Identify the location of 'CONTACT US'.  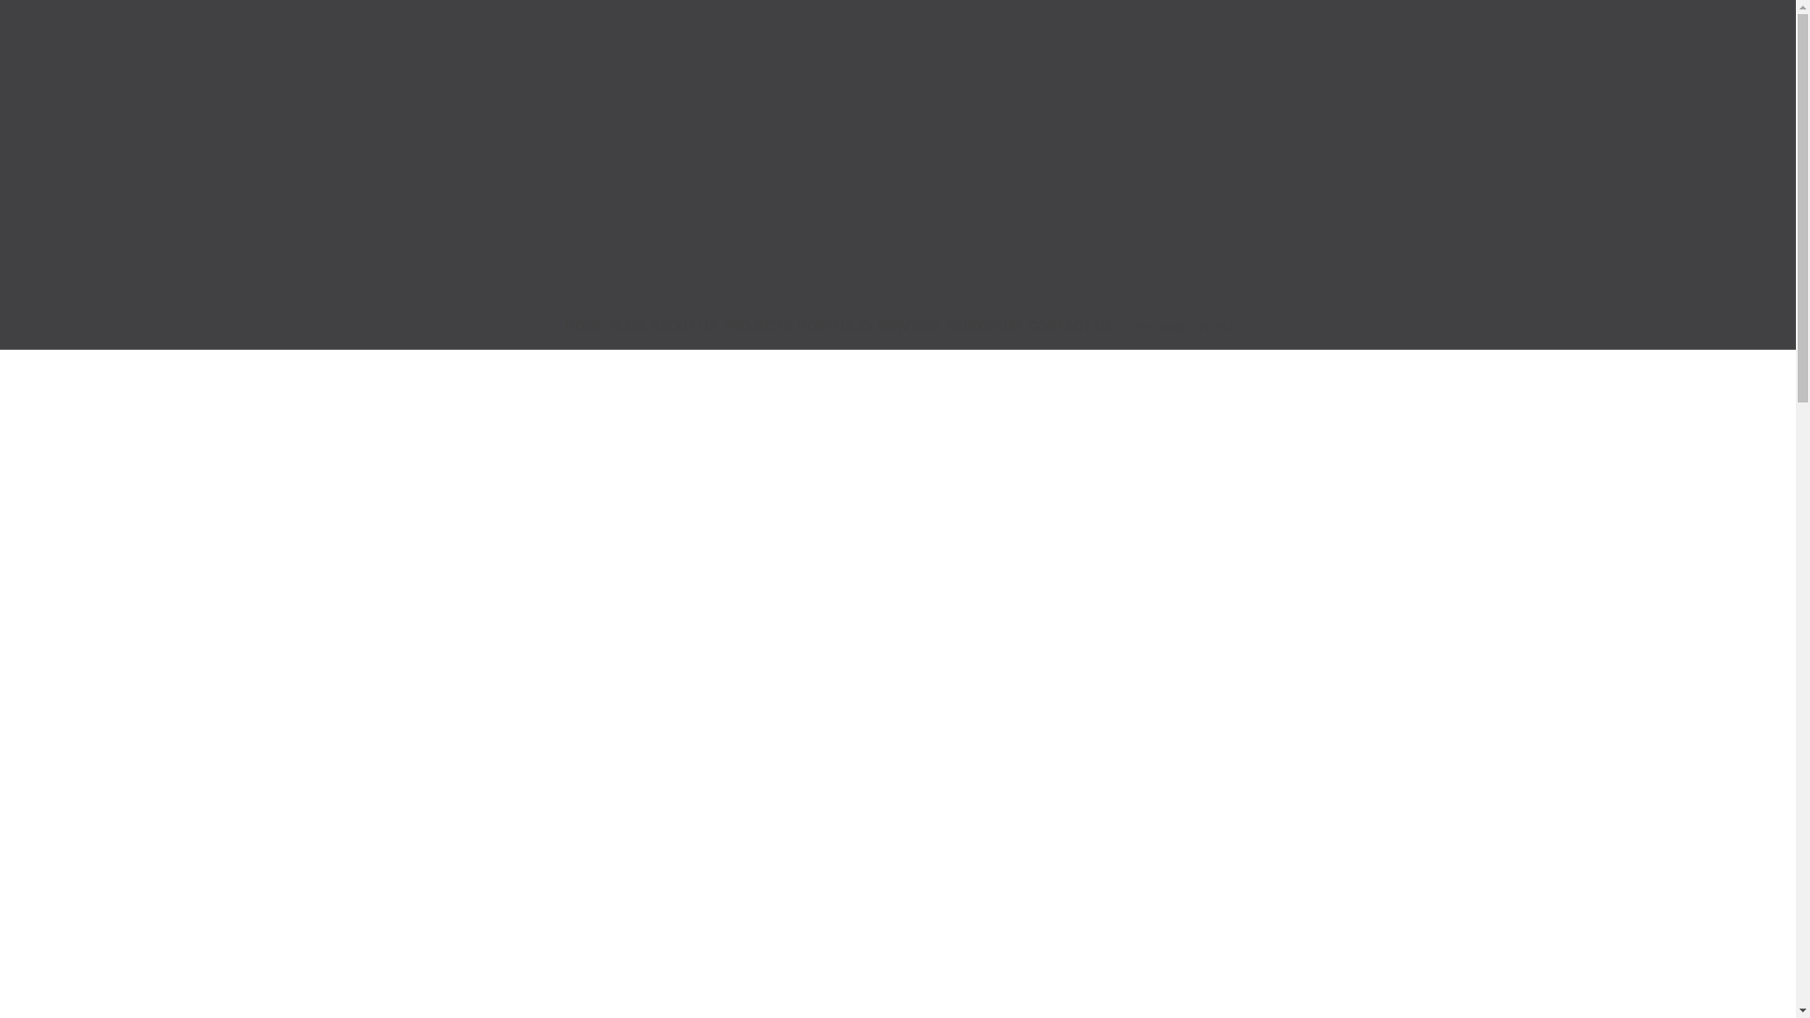
(1069, 326).